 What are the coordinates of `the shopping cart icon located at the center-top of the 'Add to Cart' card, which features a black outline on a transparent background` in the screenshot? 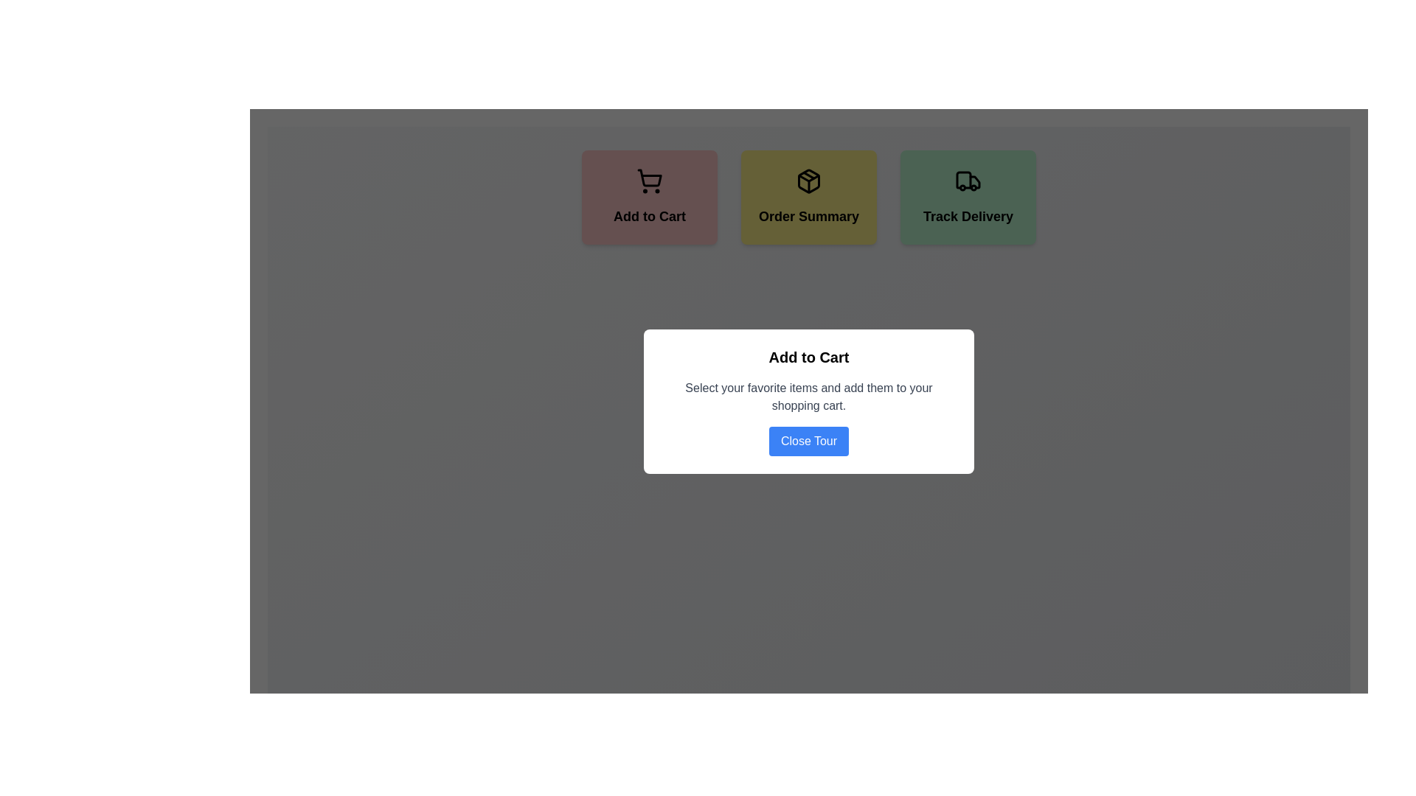 It's located at (649, 181).